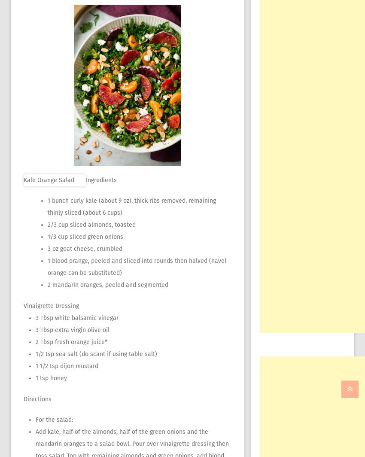  I want to click on '3 Tbsp extra virgin olive oil', so click(72, 330).